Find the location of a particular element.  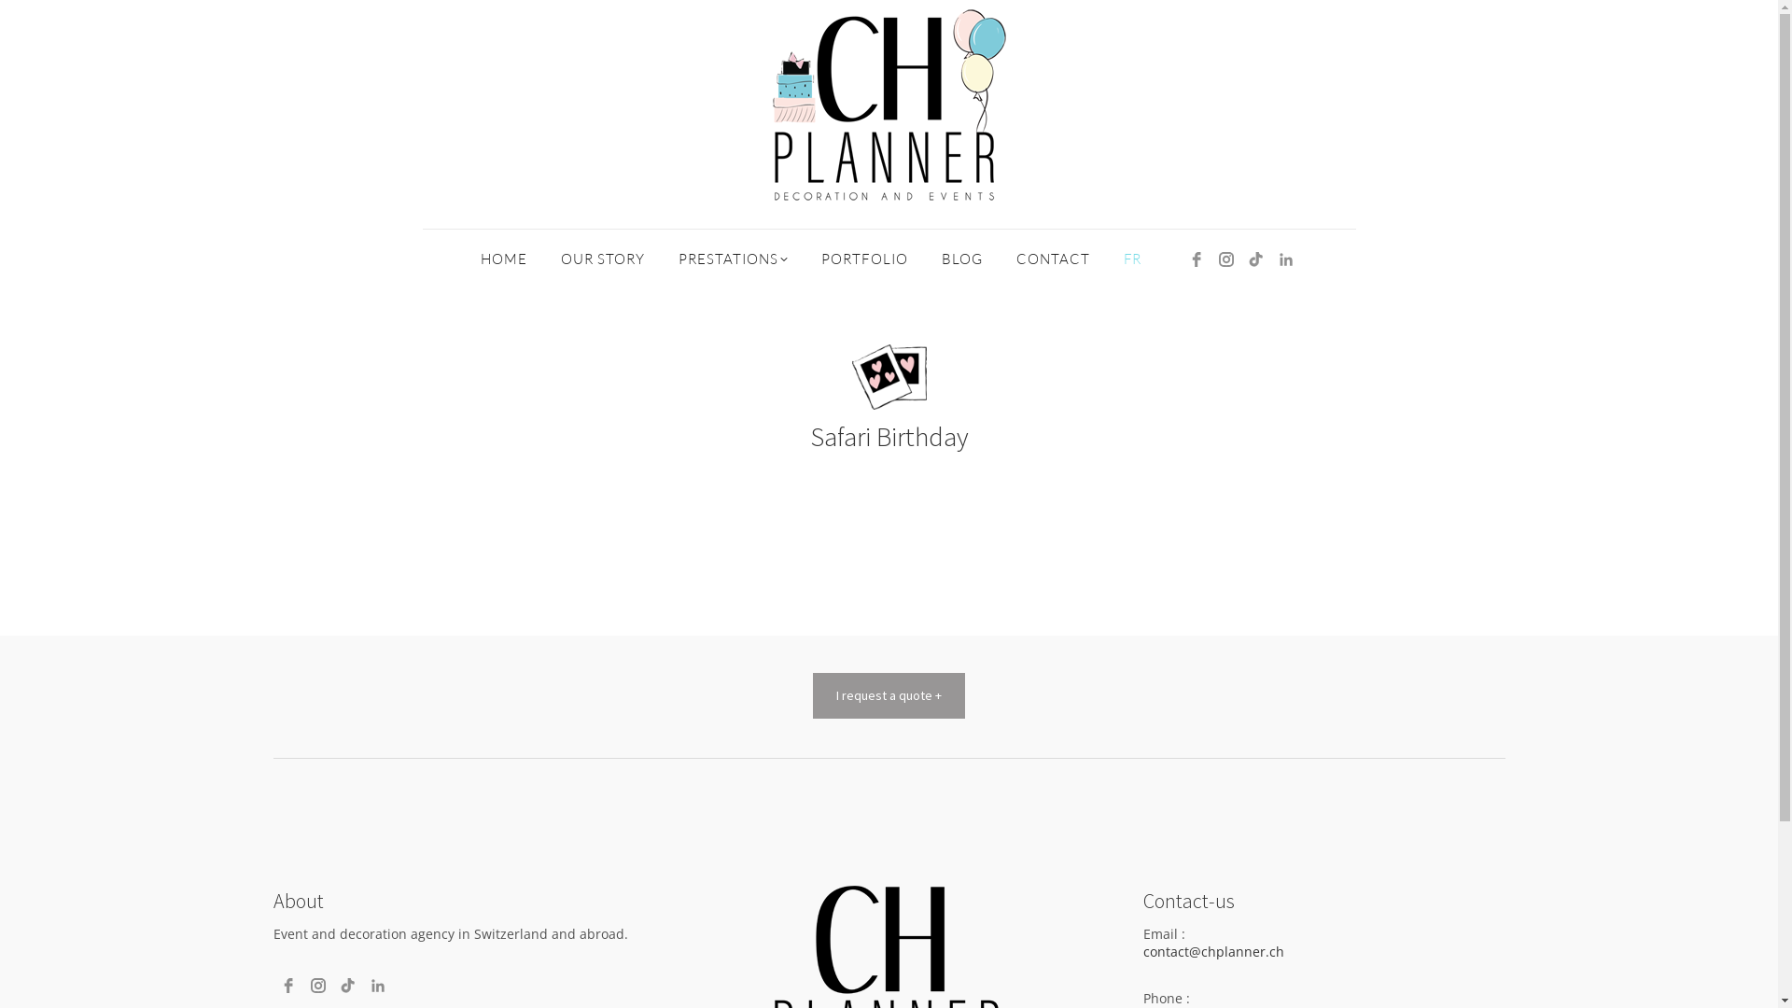

'BLOG' is located at coordinates (962, 259).